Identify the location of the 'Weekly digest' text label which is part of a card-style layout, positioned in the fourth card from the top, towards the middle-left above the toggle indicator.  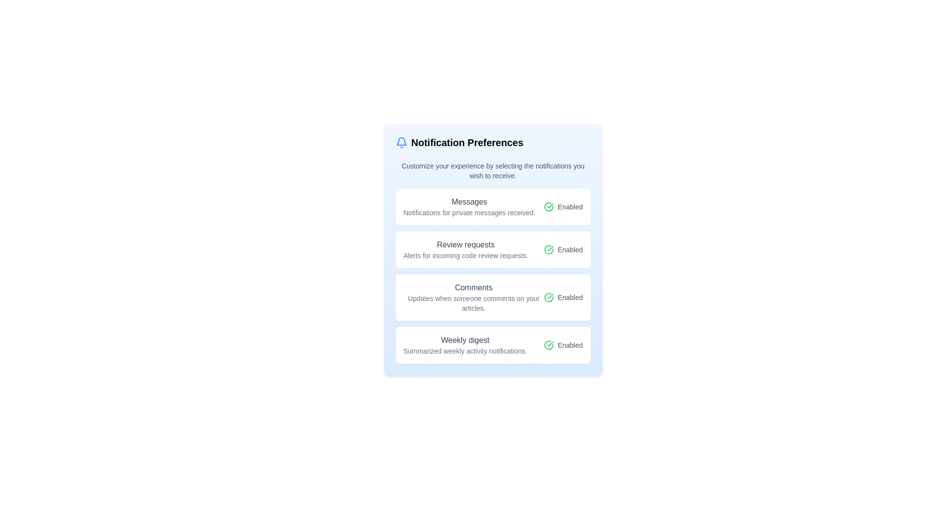
(465, 345).